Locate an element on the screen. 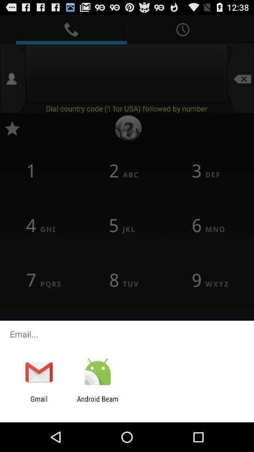 Image resolution: width=254 pixels, height=452 pixels. the item next to the gmail icon is located at coordinates (97, 403).